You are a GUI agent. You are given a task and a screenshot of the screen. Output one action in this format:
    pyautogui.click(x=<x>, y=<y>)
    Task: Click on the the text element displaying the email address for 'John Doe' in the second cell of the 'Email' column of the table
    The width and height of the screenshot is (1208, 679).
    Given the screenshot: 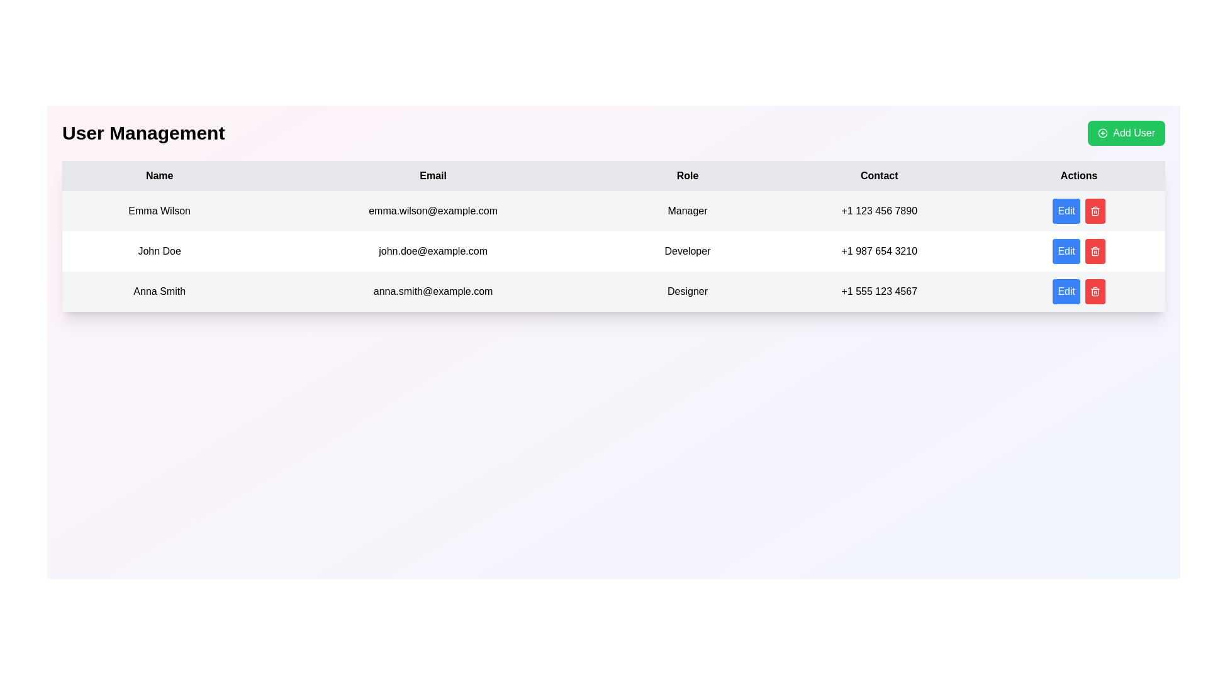 What is the action you would take?
    pyautogui.click(x=433, y=251)
    